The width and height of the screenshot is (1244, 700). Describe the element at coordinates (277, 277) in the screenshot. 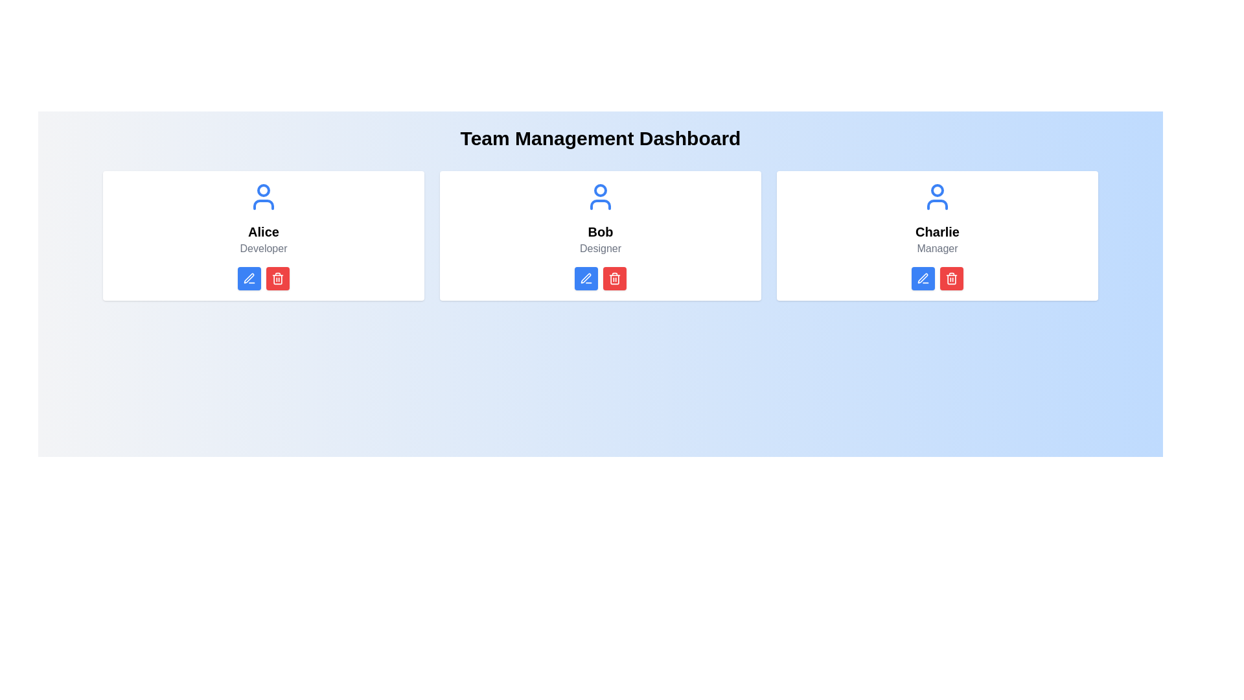

I see `the delete icon, which is the rightmost icon in the button group located below the user information section titled 'Alice' with the role 'Developer'` at that location.